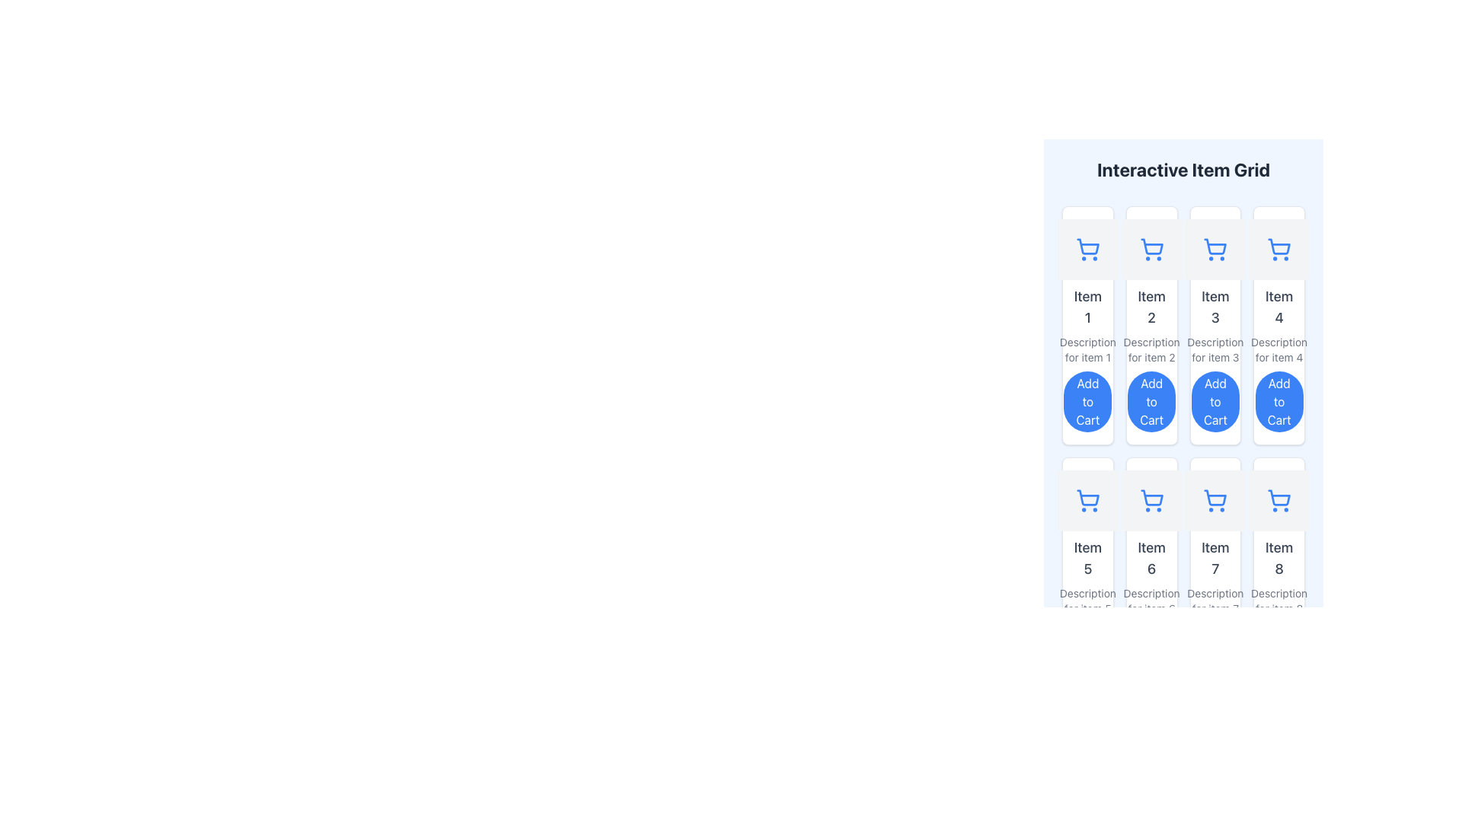 This screenshot has width=1462, height=822. What do you see at coordinates (1087, 577) in the screenshot?
I see `item description displayed on the Content Card for 'Item 5', which is the fifth item in a grid of 8 items` at bounding box center [1087, 577].